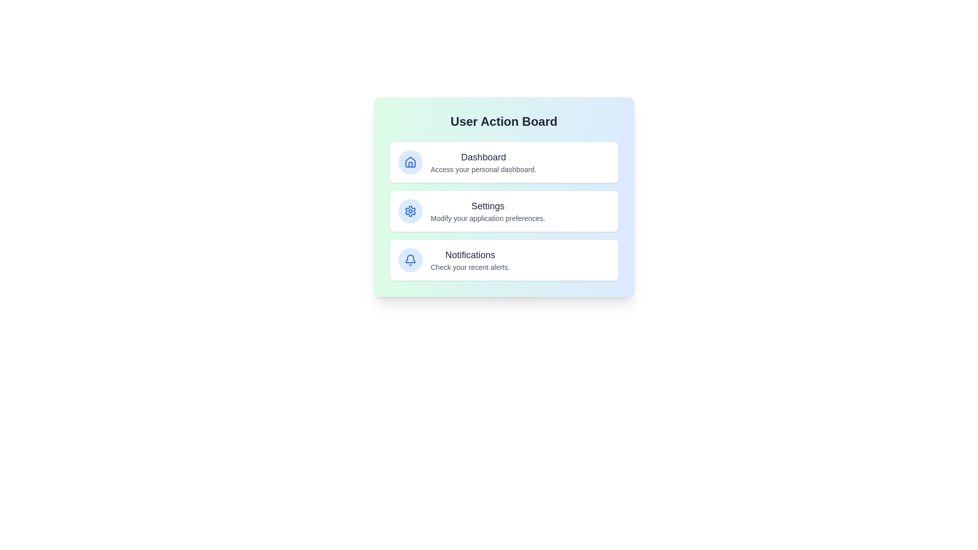 This screenshot has height=550, width=978. I want to click on the icon corresponding to Settings in the User Action Board, so click(410, 211).